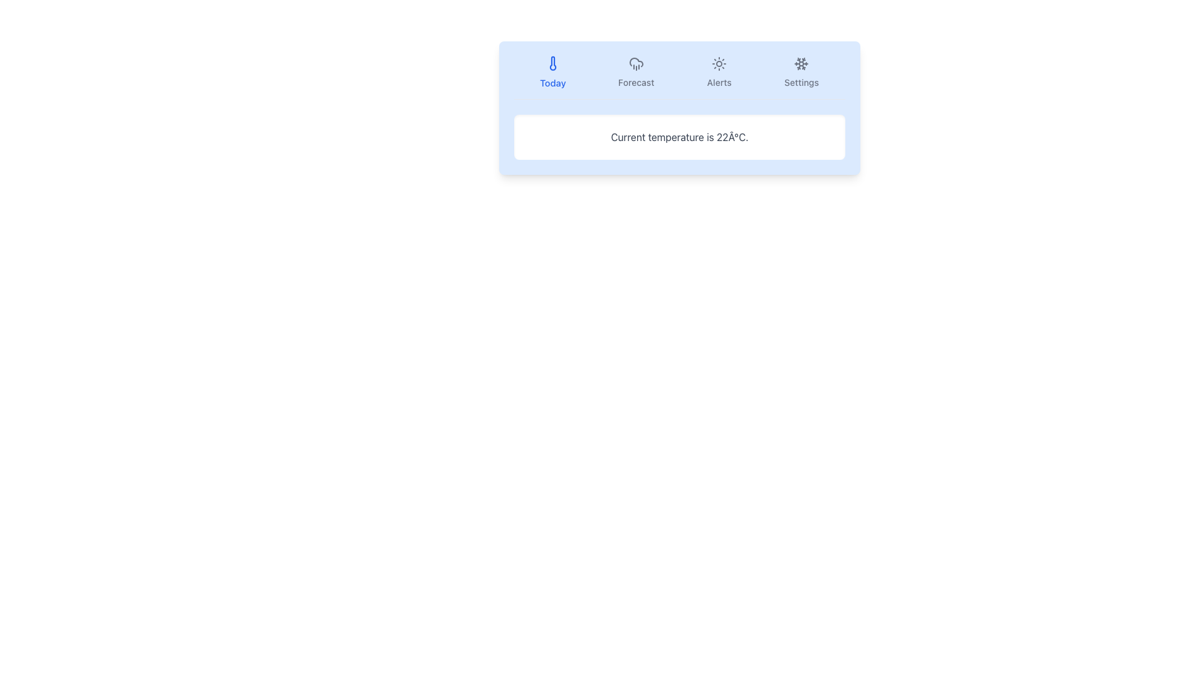  I want to click on the 'Settings' icon, so click(801, 63).